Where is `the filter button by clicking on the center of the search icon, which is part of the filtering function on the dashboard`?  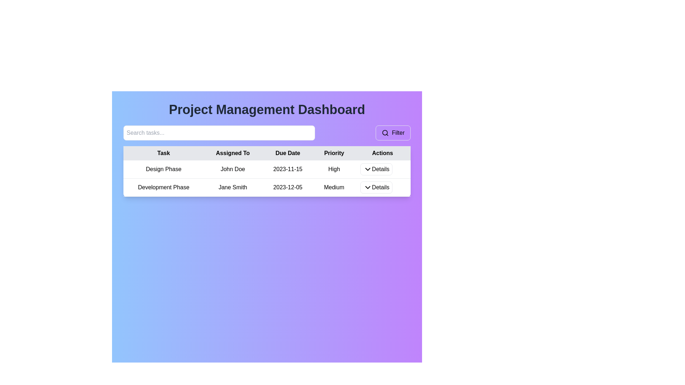
the filter button by clicking on the center of the search icon, which is part of the filtering function on the dashboard is located at coordinates (385, 133).